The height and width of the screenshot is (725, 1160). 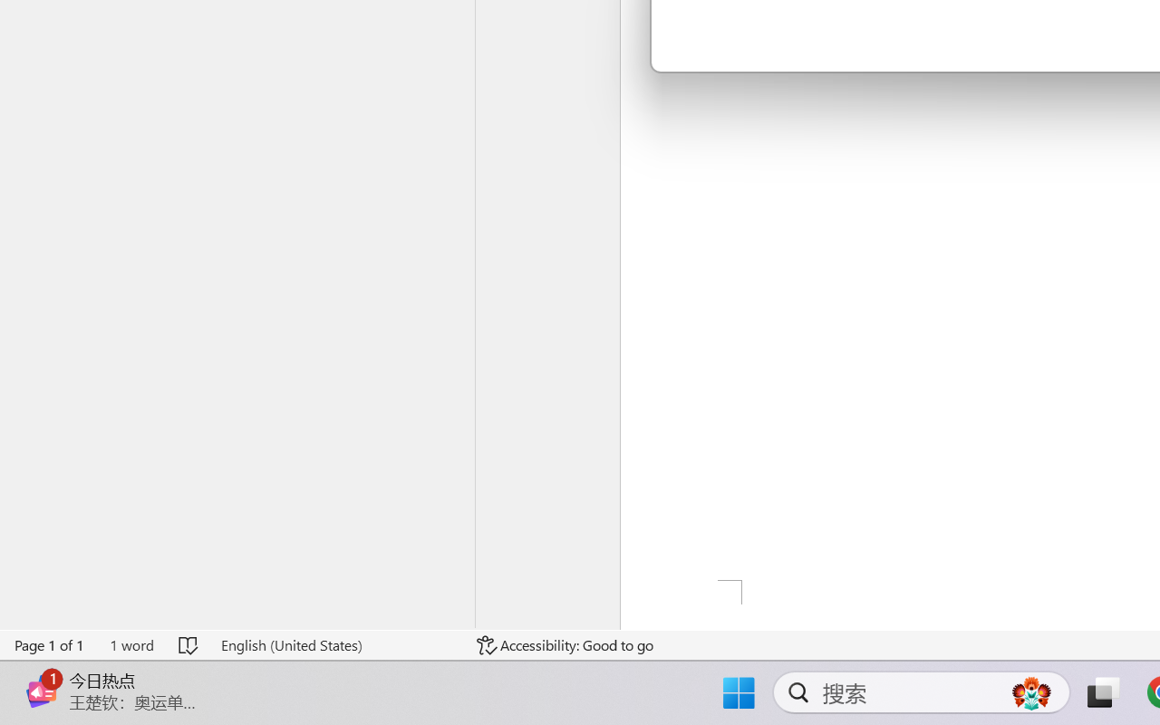 What do you see at coordinates (130, 644) in the screenshot?
I see `'Word Count 1 word'` at bounding box center [130, 644].